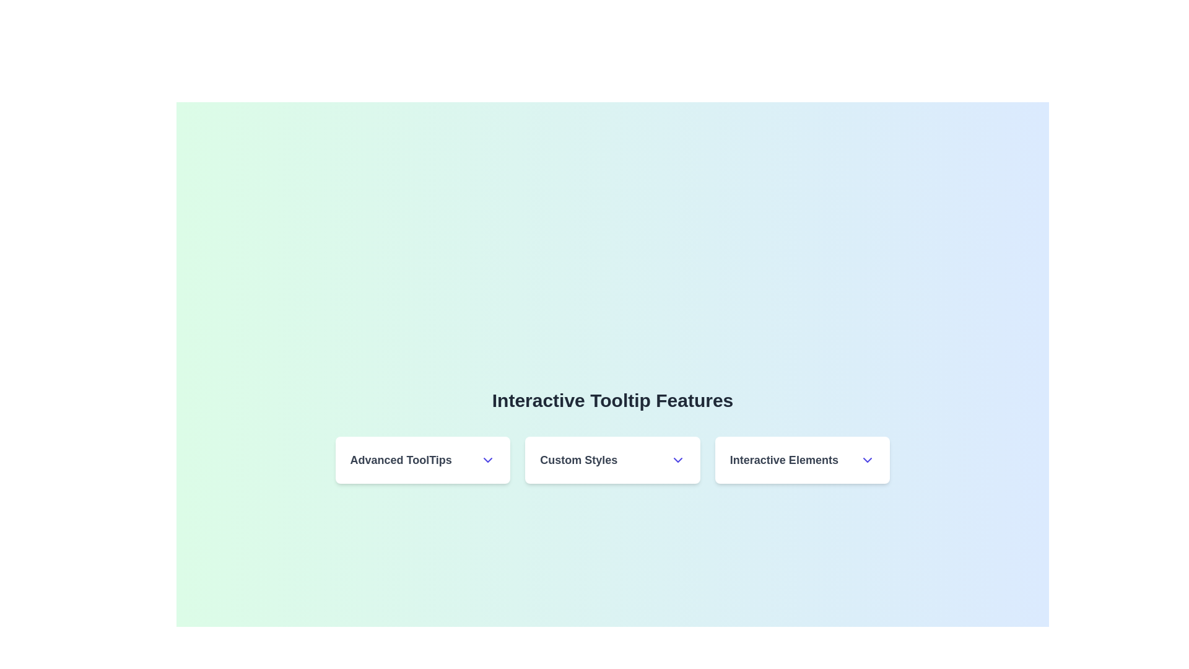 This screenshot has height=669, width=1189. I want to click on the 'Custom Styles' card widget, so click(612, 460).